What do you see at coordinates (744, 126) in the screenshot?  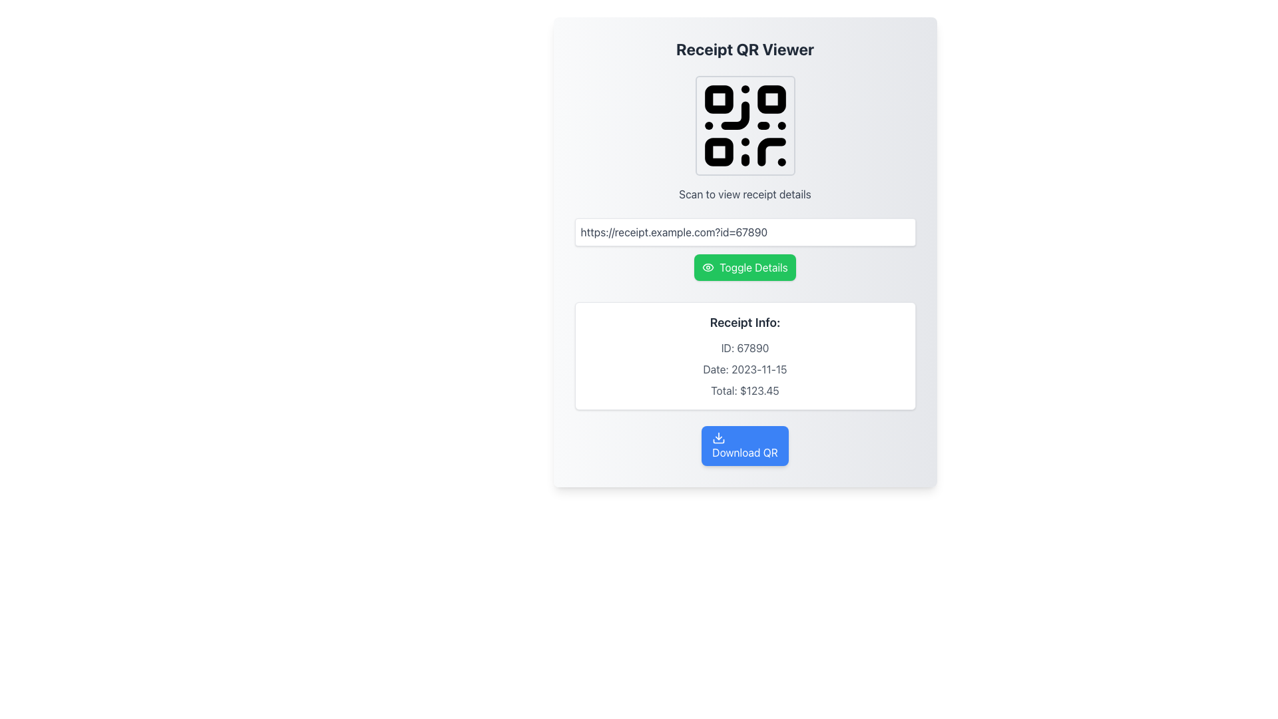 I see `the QR code display, which is a black and white pattern within a square frame with rounded corners, located centrally near the top of the interface below the heading 'Receipt QR Viewer'` at bounding box center [744, 126].